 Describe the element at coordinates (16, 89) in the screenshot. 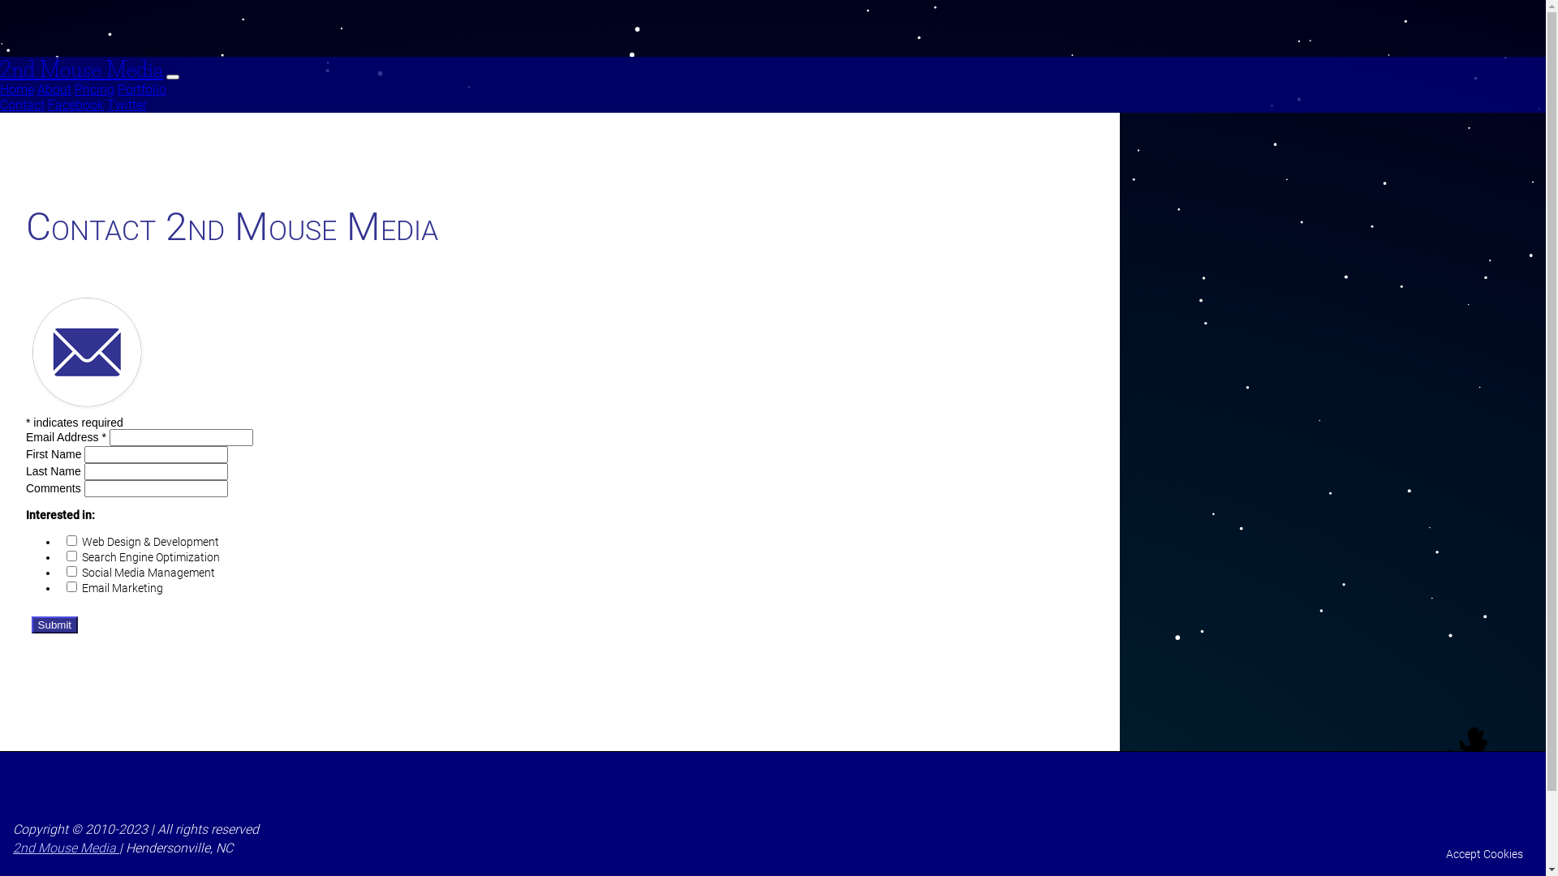

I see `'Home'` at that location.